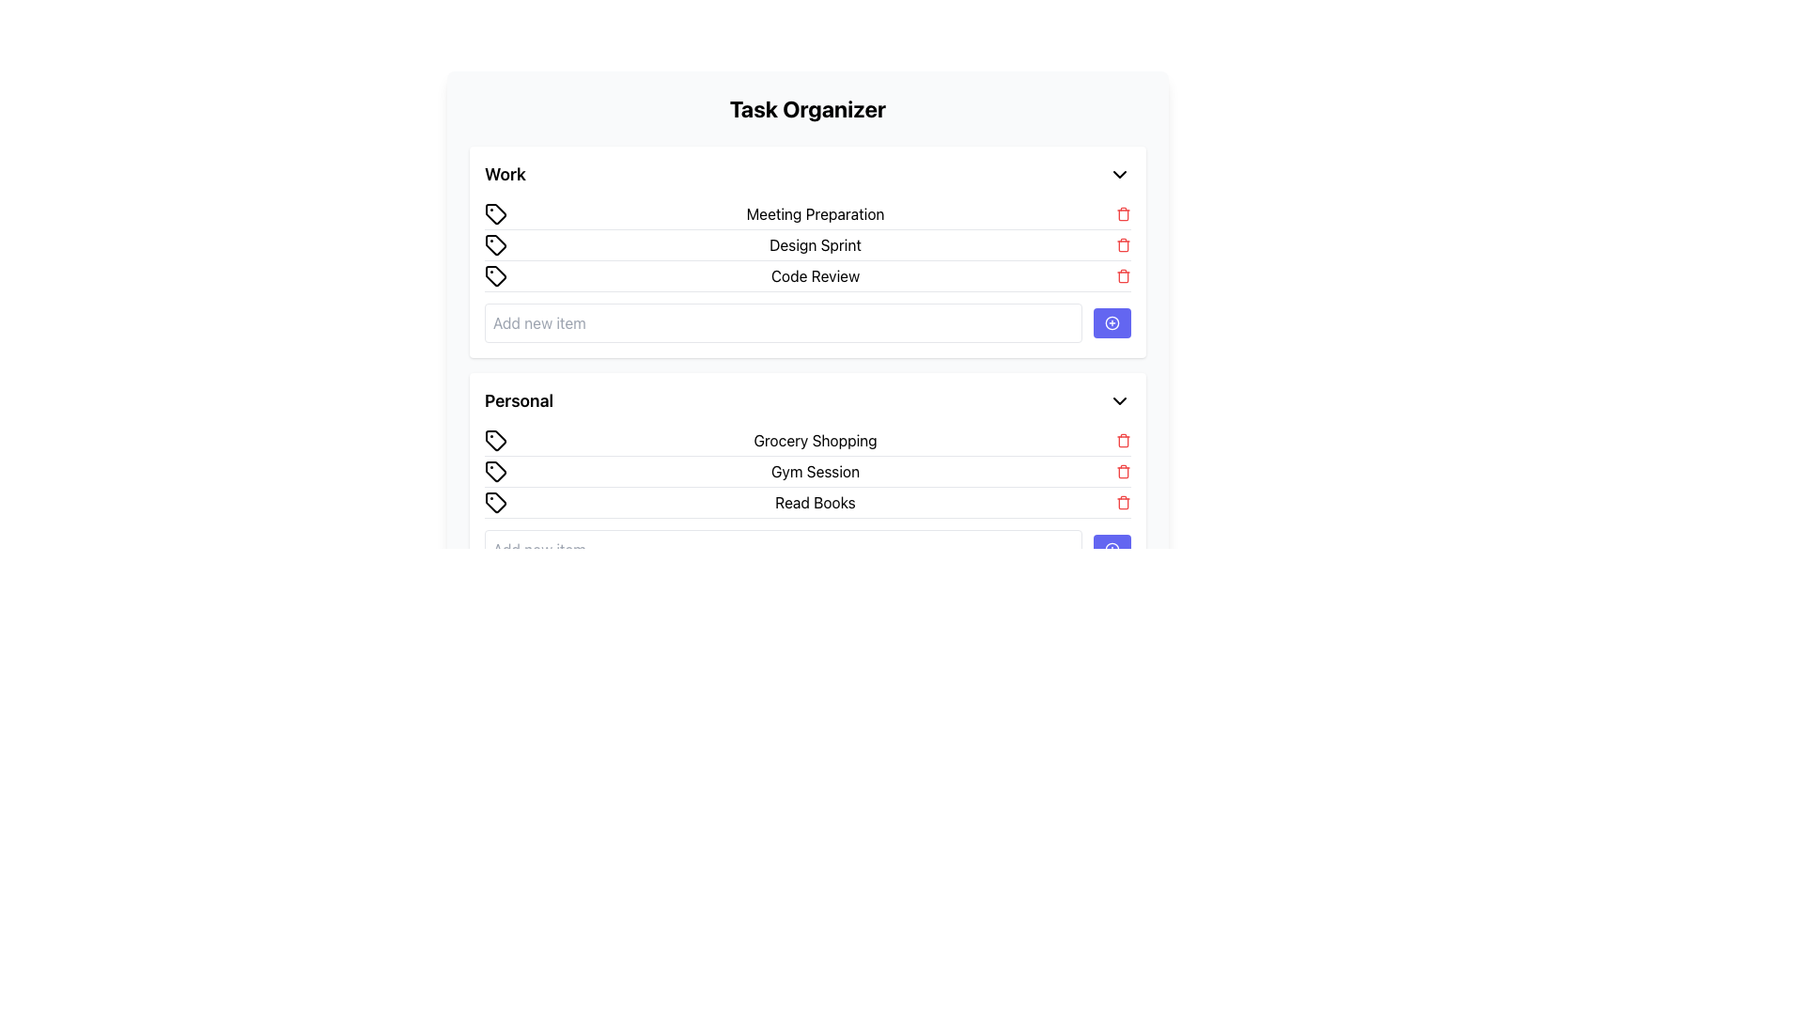 This screenshot has height=1015, width=1804. Describe the element at coordinates (816, 502) in the screenshot. I see `the 'Read Books' text label, which is located in the 'Personal' category, in the third row below 'Grocery Shopping' and 'Gym Session', to the right of a tag icon` at that location.